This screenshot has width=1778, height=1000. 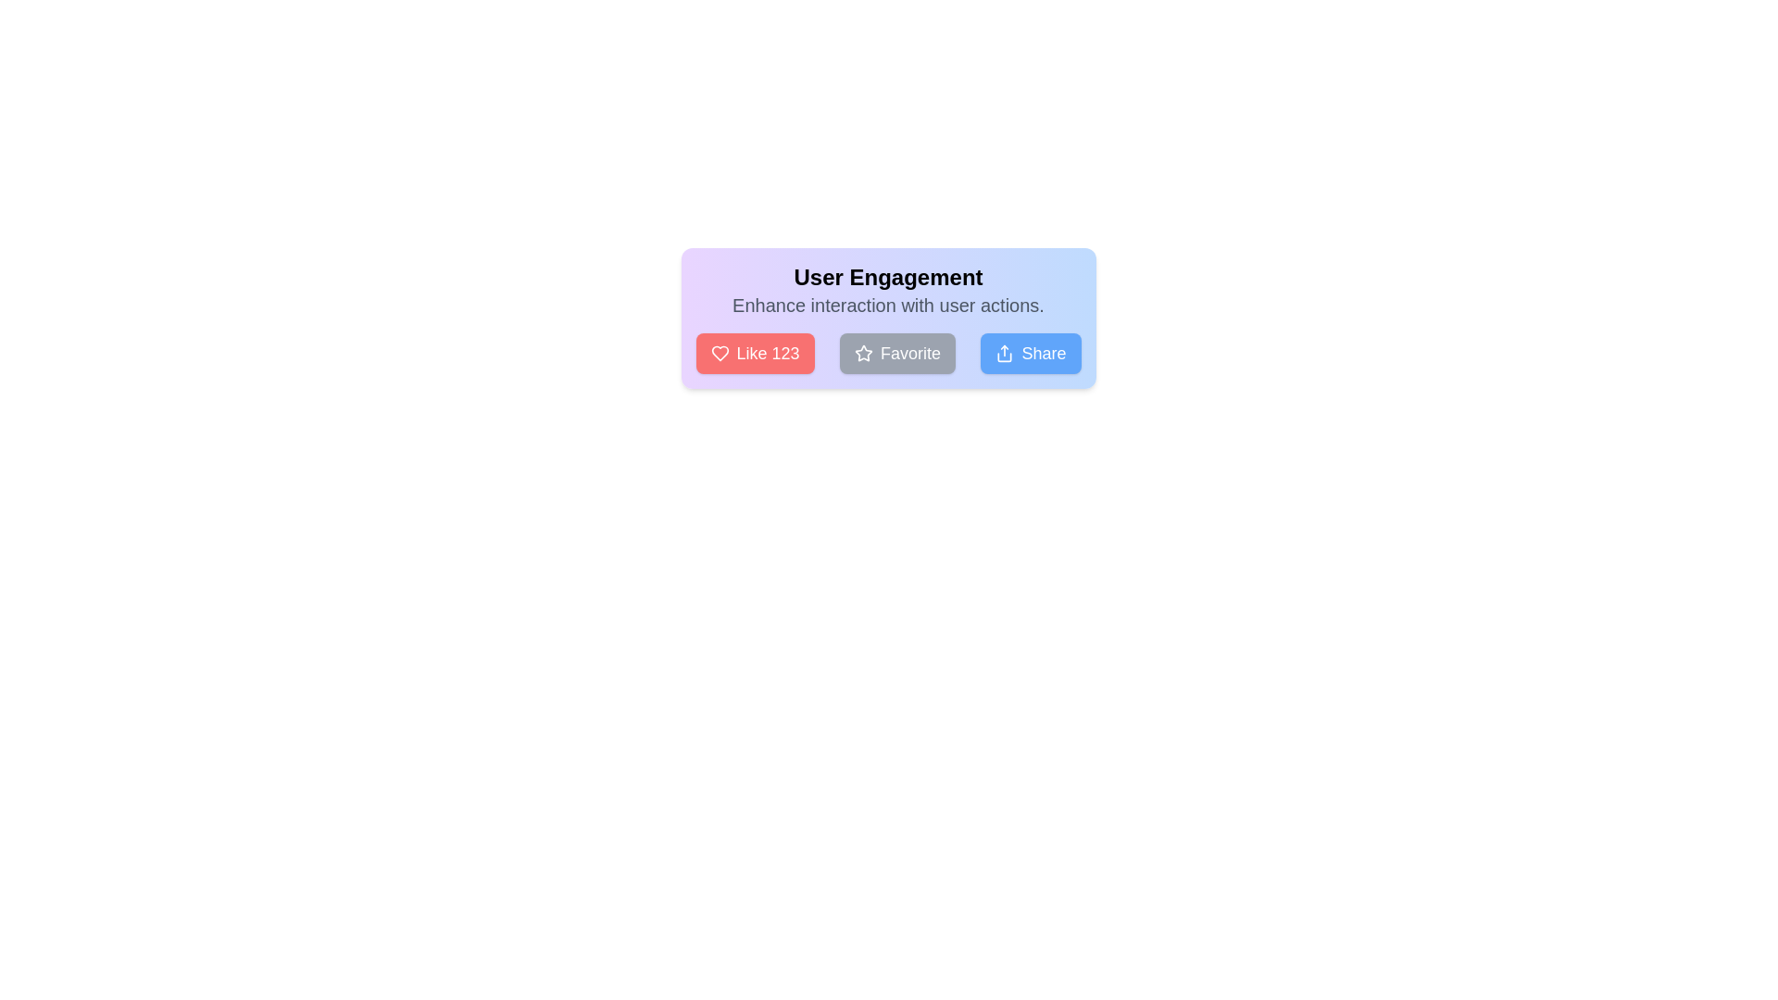 What do you see at coordinates (887, 353) in the screenshot?
I see `the 'Favorite' button, which has a gray background, rounded corners, and is positioned between the 'Like 123' and 'Share' buttons at the bottom of the card in the 'User Engagement' section` at bounding box center [887, 353].